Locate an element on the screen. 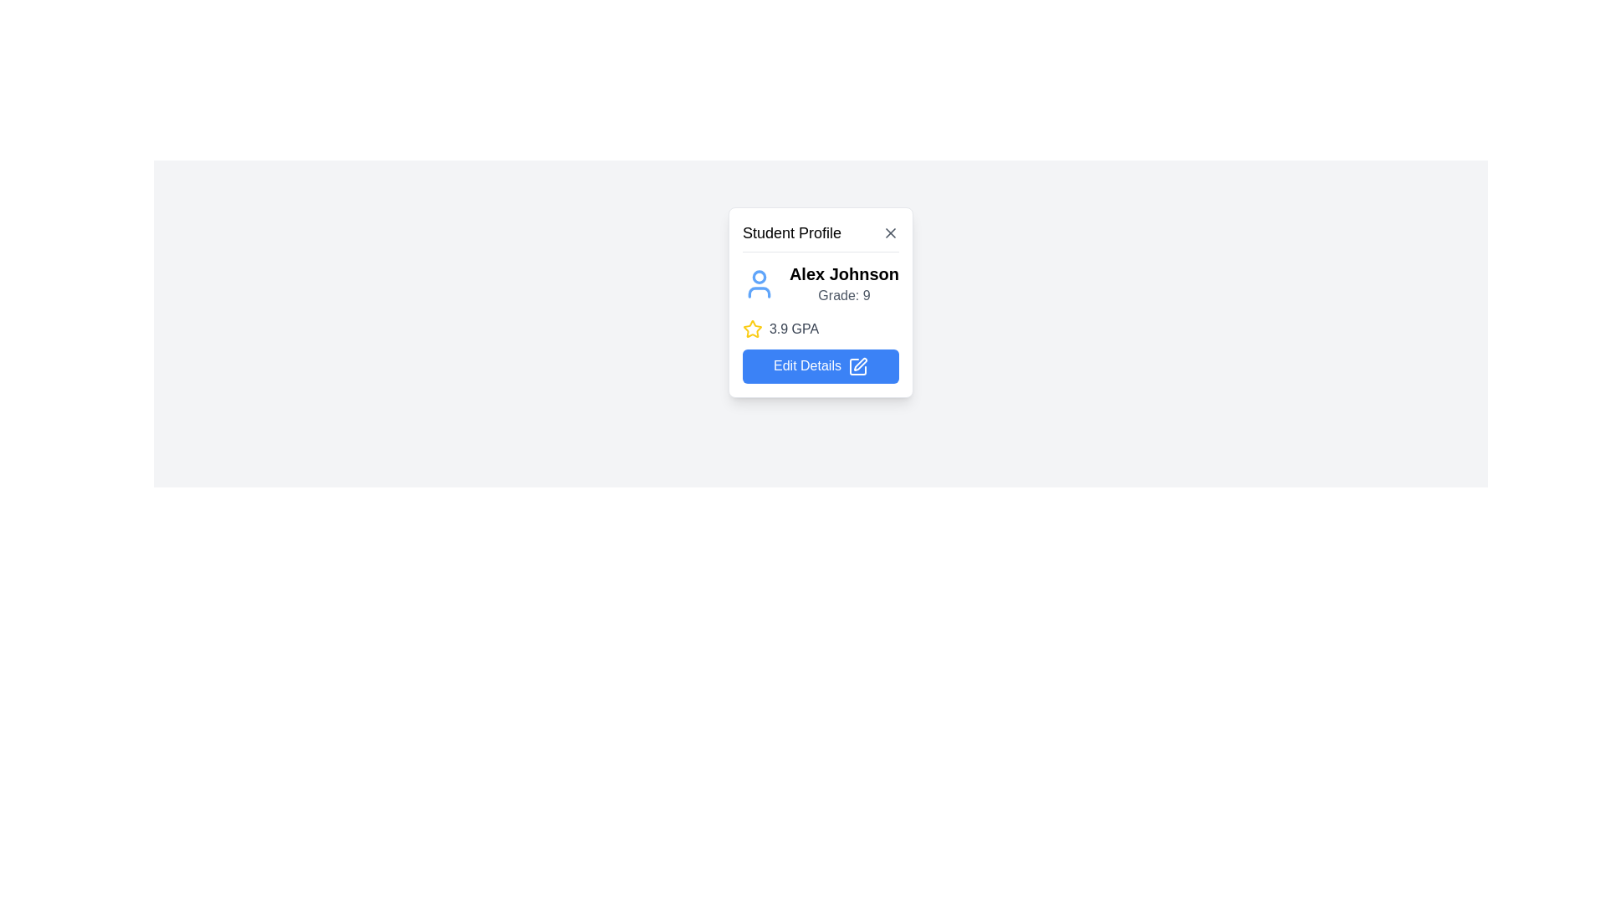 Image resolution: width=1606 pixels, height=903 pixels. the close button located at the top-right corner of the 'Student Profile' header section is located at coordinates (890, 232).